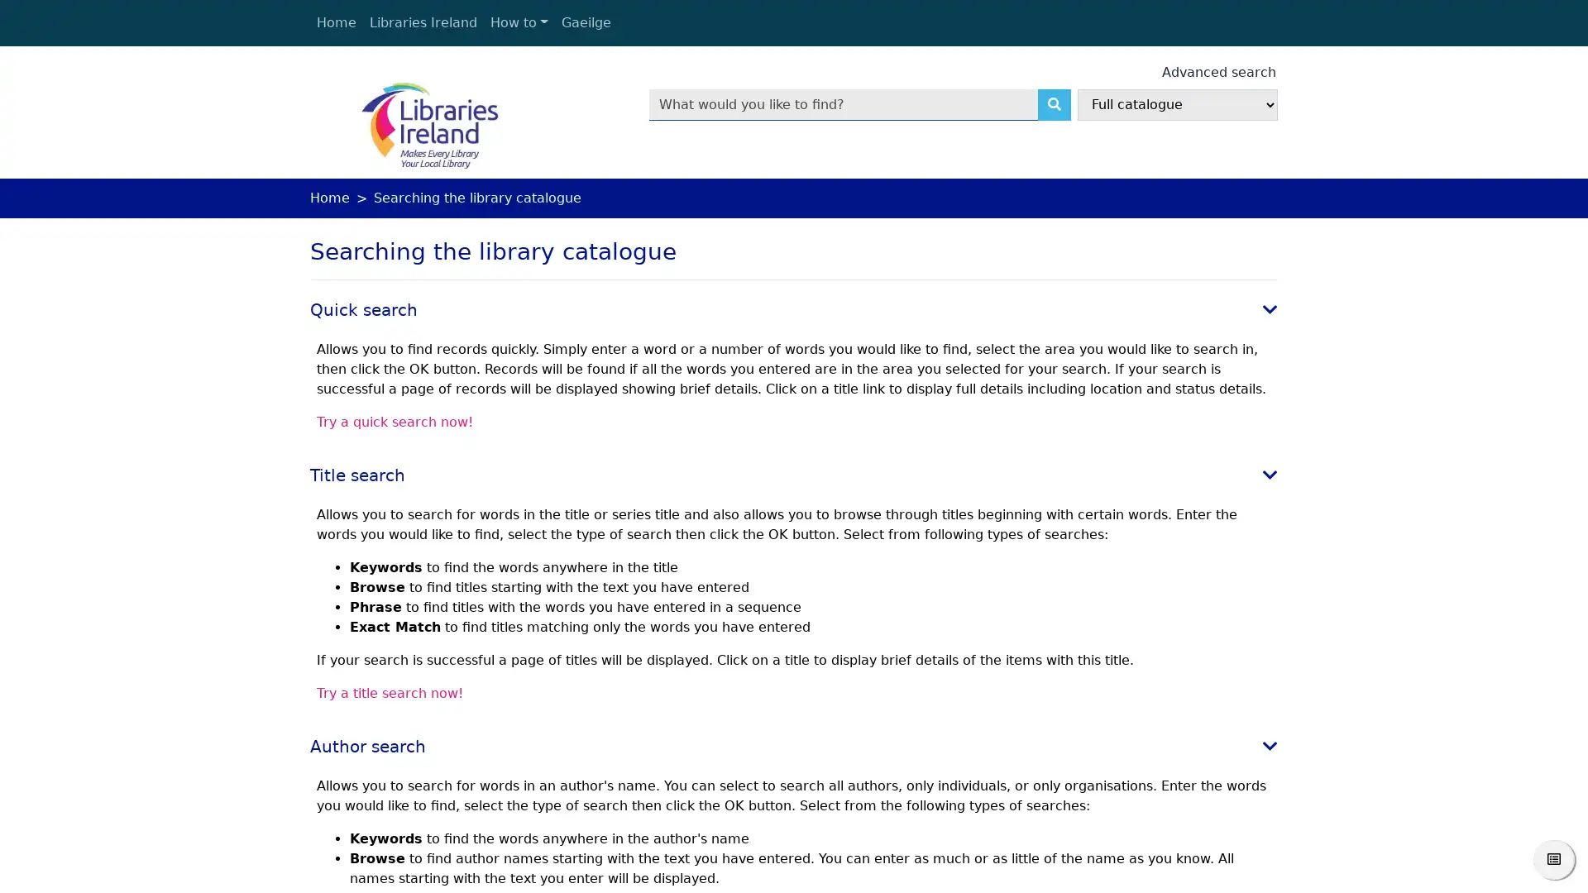 This screenshot has height=893, width=1588. Describe the element at coordinates (794, 475) in the screenshot. I see `Title search` at that location.